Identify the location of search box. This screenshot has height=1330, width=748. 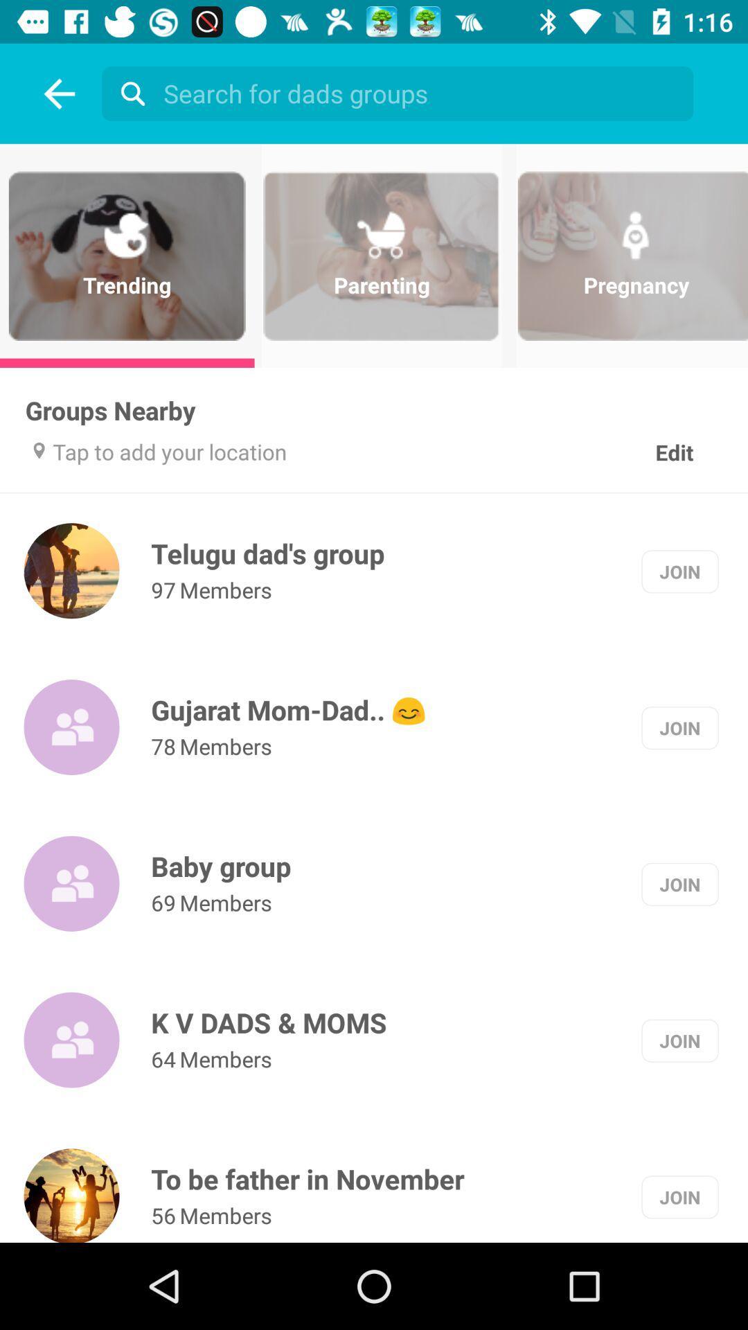
(401, 92).